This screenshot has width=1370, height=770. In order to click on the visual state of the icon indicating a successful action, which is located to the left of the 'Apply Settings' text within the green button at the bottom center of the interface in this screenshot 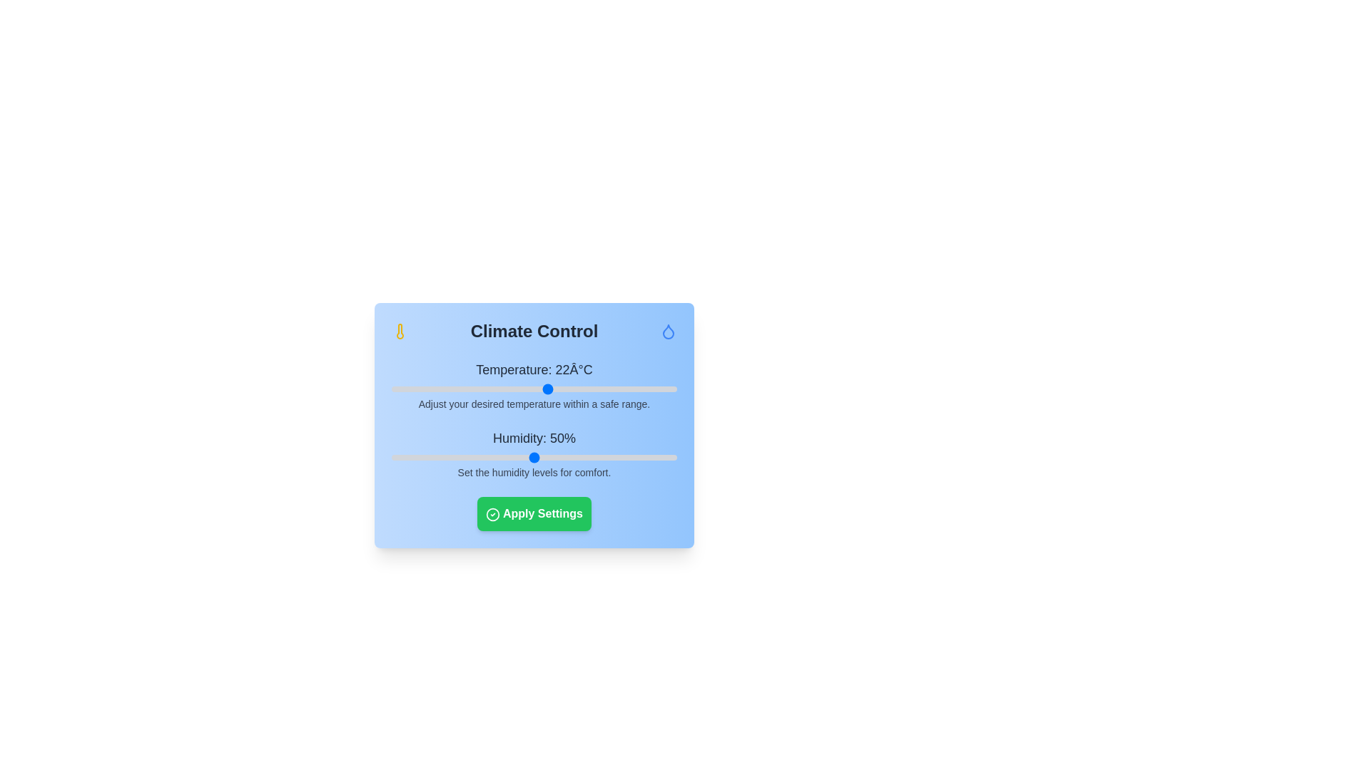, I will do `click(493, 514)`.